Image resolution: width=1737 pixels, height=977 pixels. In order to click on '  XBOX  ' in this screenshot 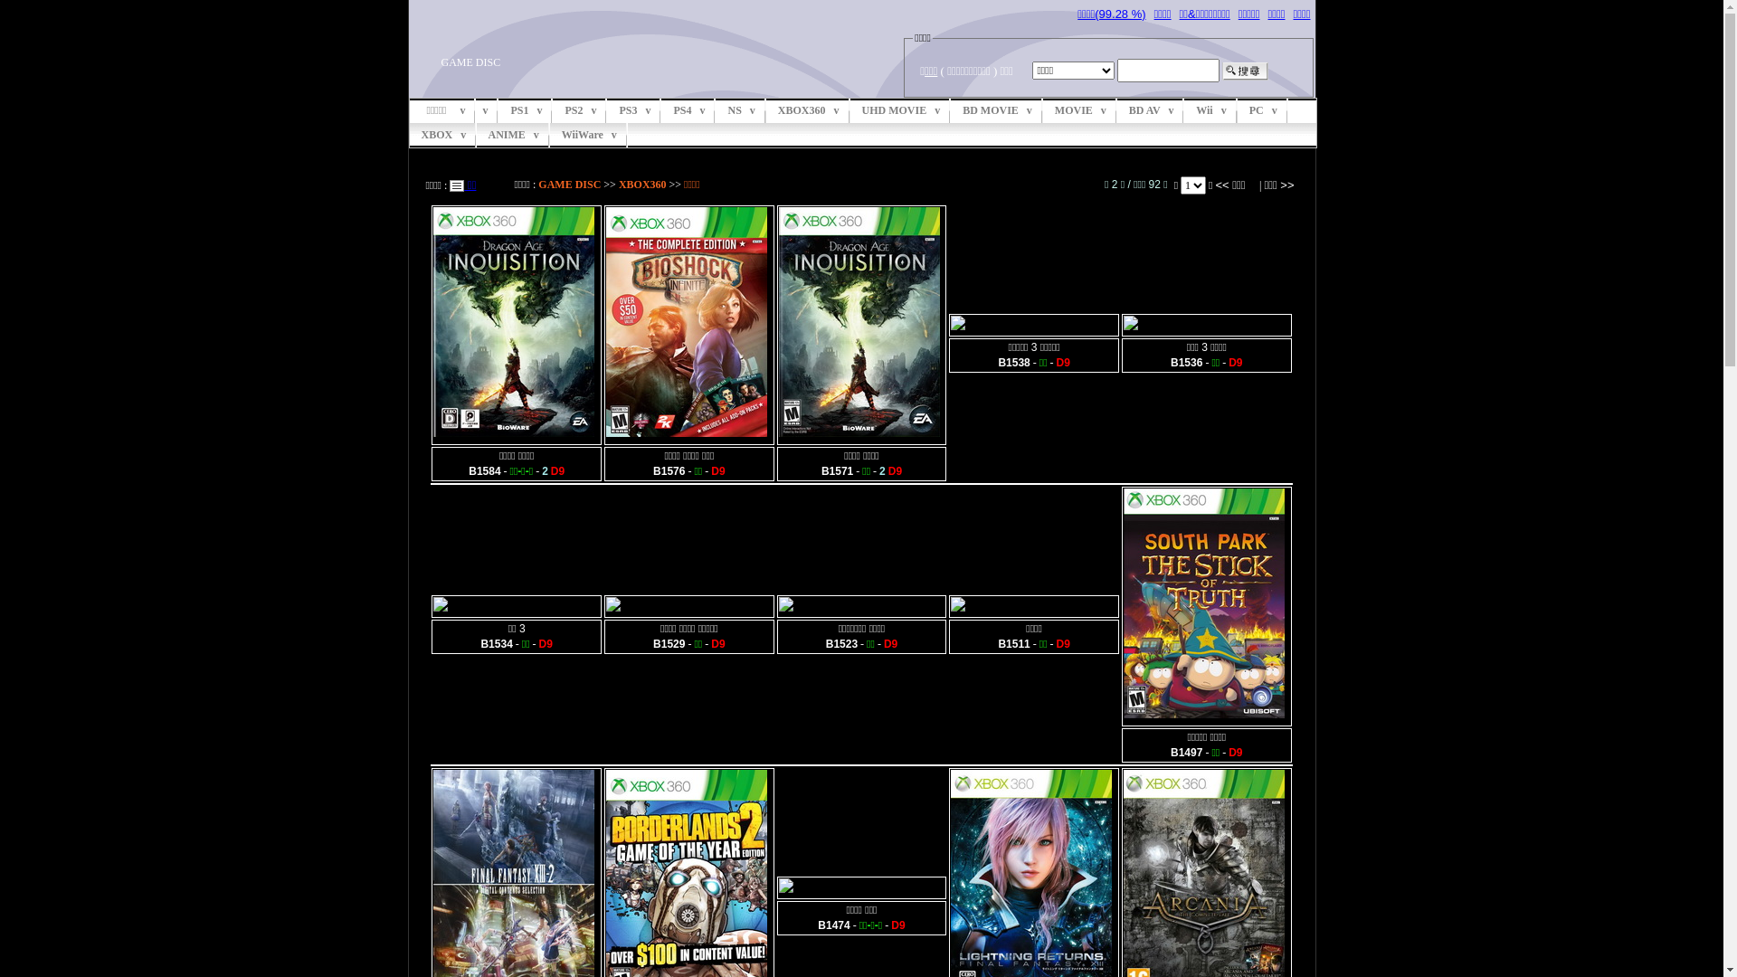, I will do `click(442, 134)`.